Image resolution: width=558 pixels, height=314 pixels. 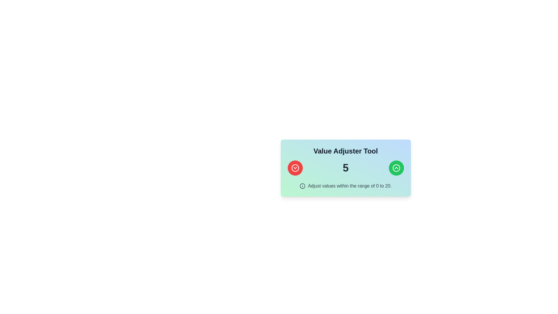 What do you see at coordinates (295, 168) in the screenshot?
I see `the 'Decrease value' icon within the red circular button on the left side of the value adjustment interface` at bounding box center [295, 168].